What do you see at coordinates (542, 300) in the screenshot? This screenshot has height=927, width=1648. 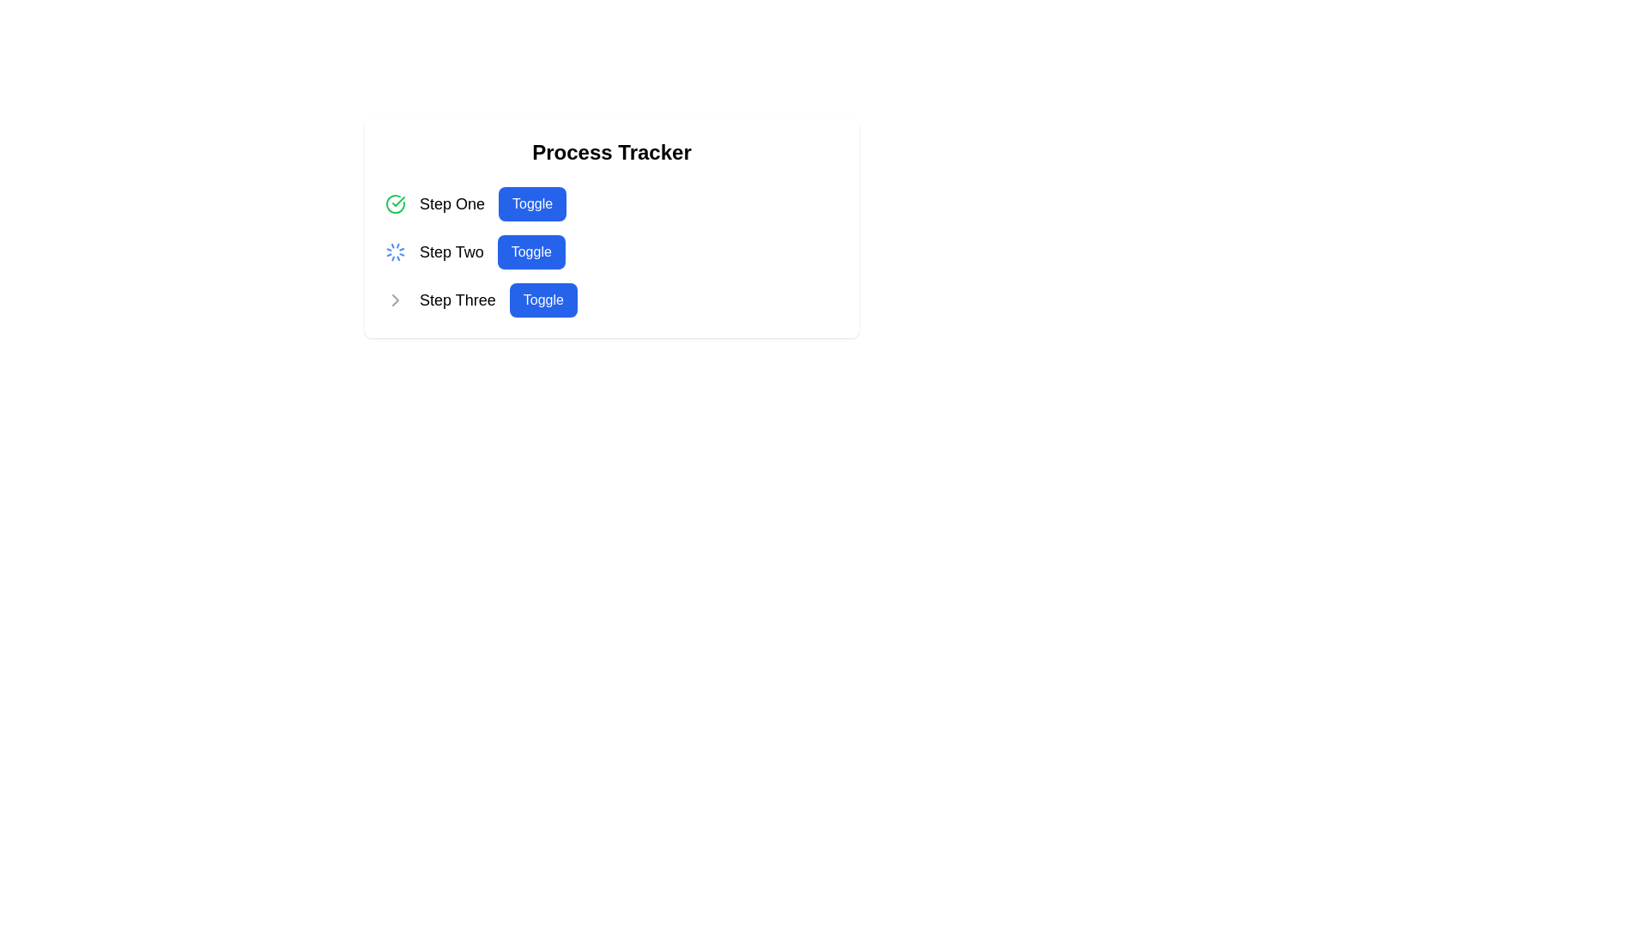 I see `the 'Step Three' toggle button located in the lower section of the 'Toggle' group to change its state` at bounding box center [542, 300].